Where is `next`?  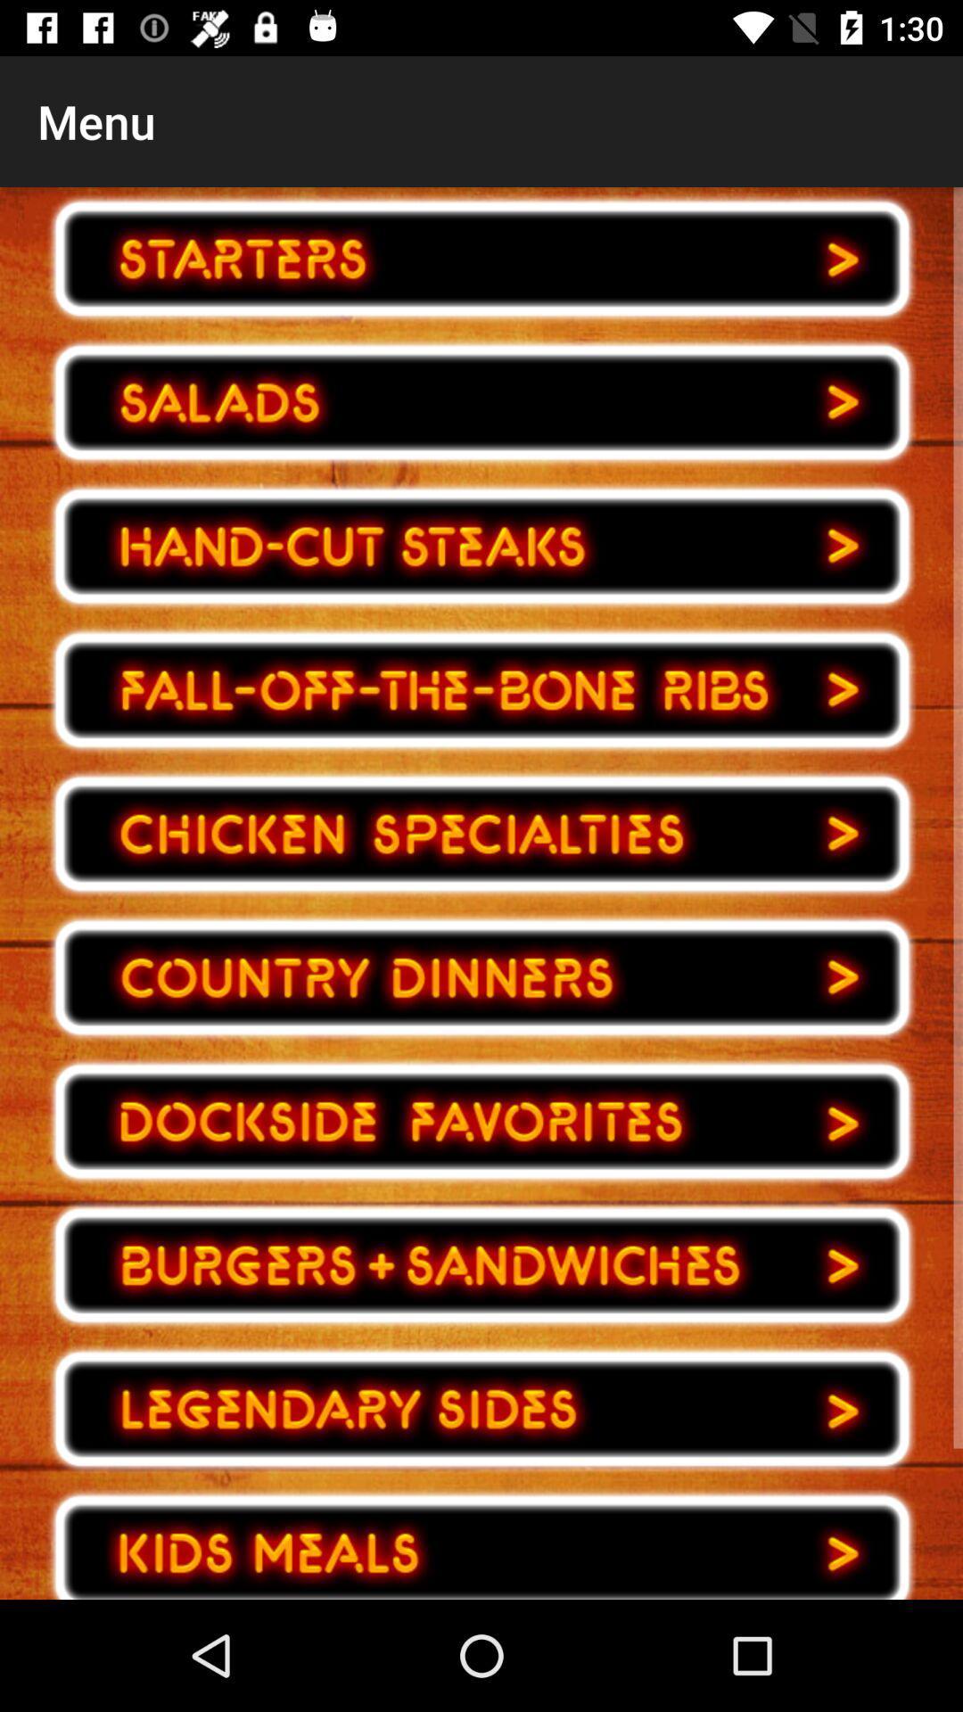 next is located at coordinates (481, 546).